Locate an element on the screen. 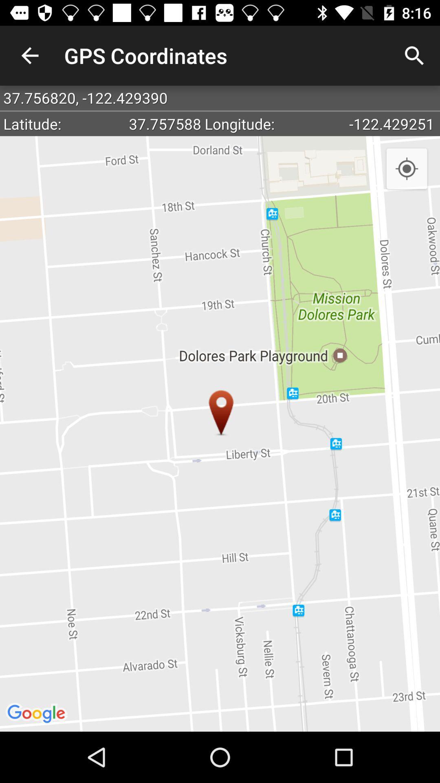  item below -122.429251 icon is located at coordinates (407, 169).